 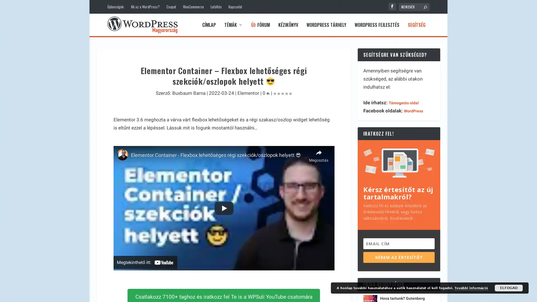 I want to click on ELFOGAD, so click(x=509, y=288).